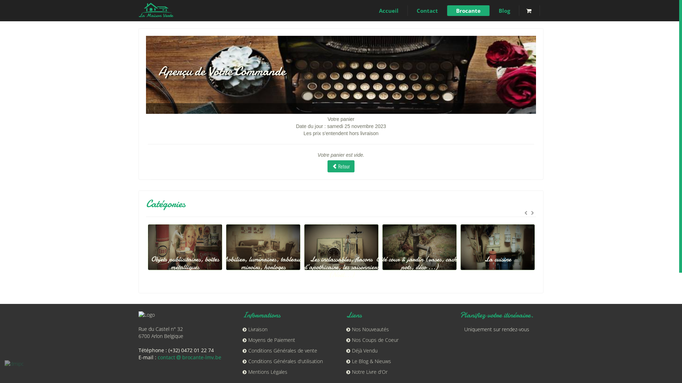 This screenshot has height=383, width=682. I want to click on 'Livraison', so click(254, 329).